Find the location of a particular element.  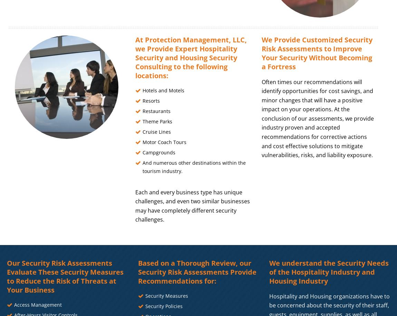

'Cruise Lines' is located at coordinates (142, 131).